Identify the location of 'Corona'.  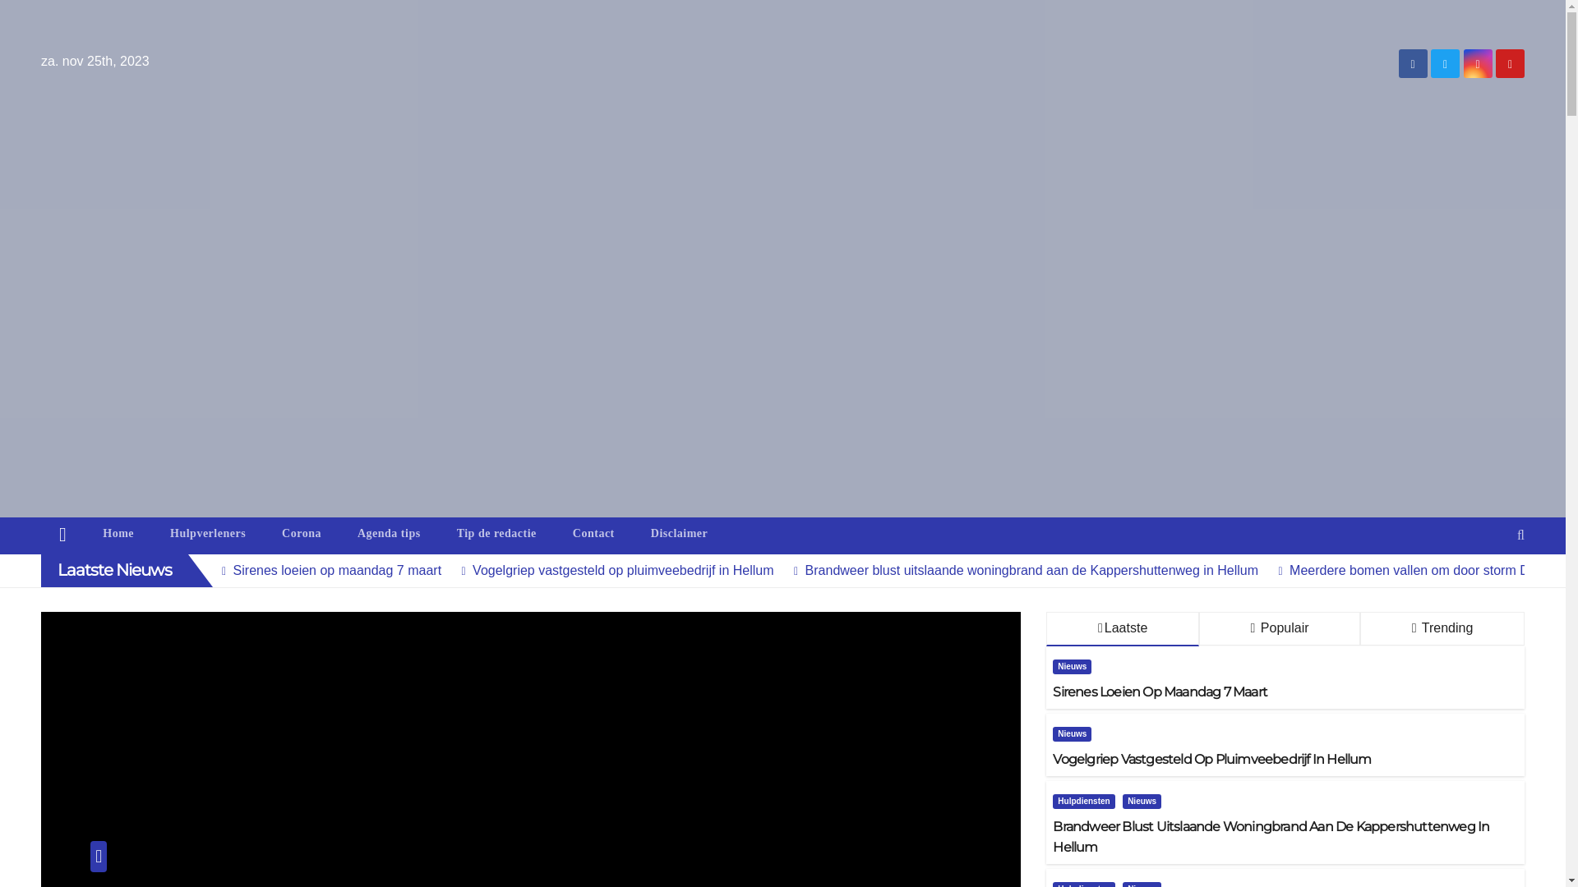
(264, 534).